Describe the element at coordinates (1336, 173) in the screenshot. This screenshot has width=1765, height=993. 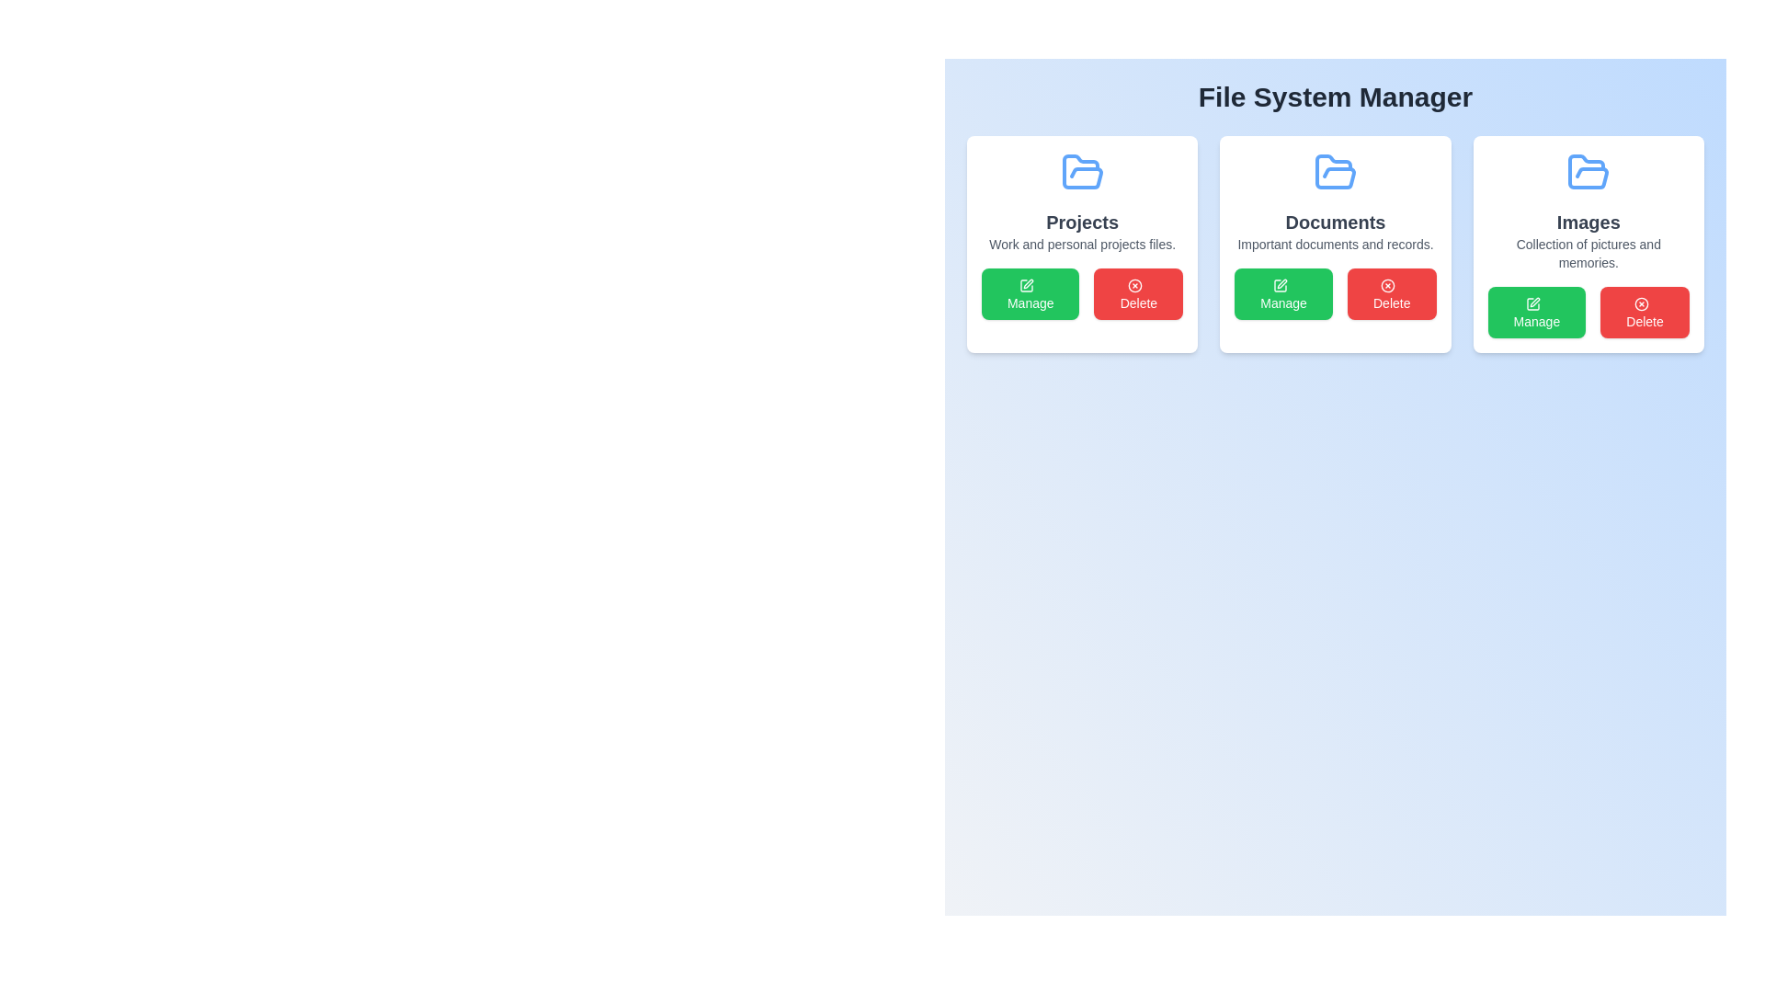
I see `the 'Documents' icon in the application interface, which serves as the visual indicator for the Documents section` at that location.